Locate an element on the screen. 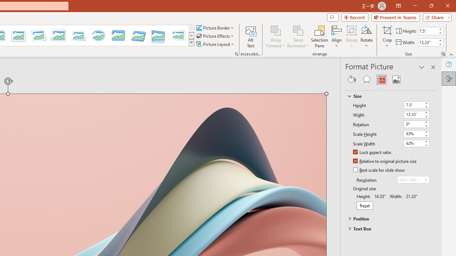 The width and height of the screenshot is (456, 256). 'Send Backward' is located at coordinates (298, 30).